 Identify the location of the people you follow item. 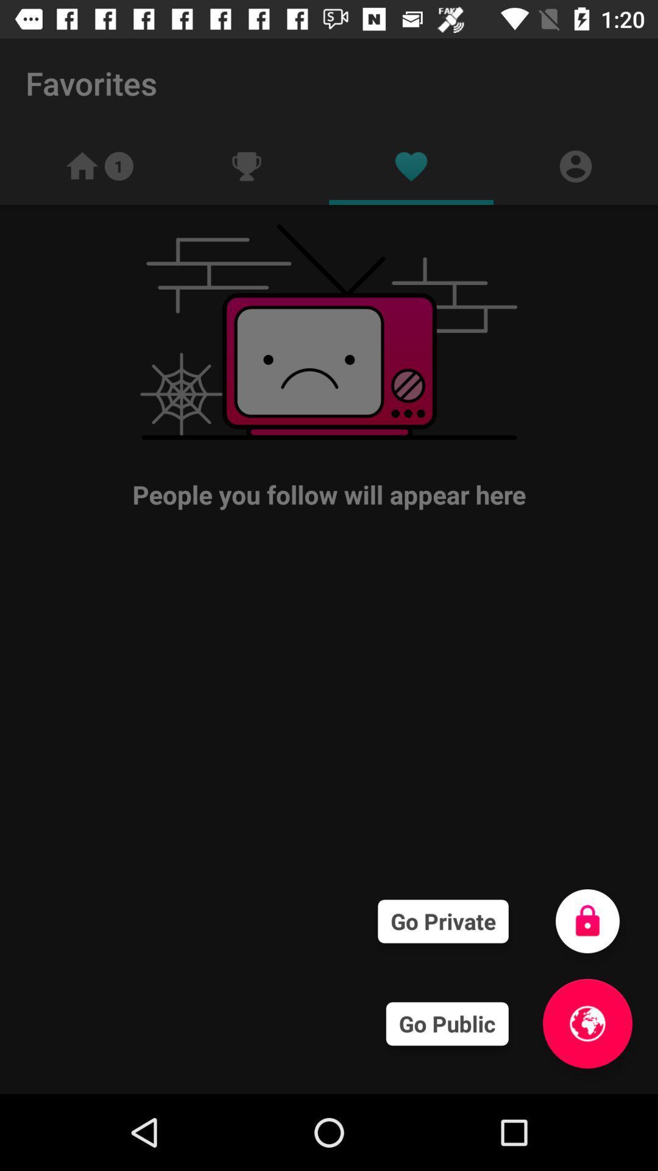
(329, 365).